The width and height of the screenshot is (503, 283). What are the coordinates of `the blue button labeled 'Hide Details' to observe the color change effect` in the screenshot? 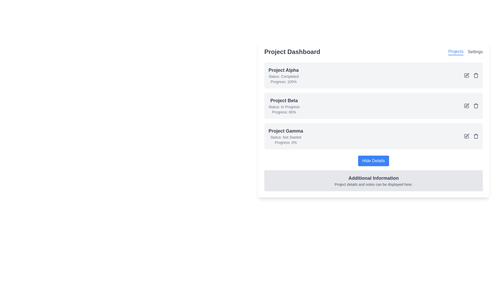 It's located at (373, 160).